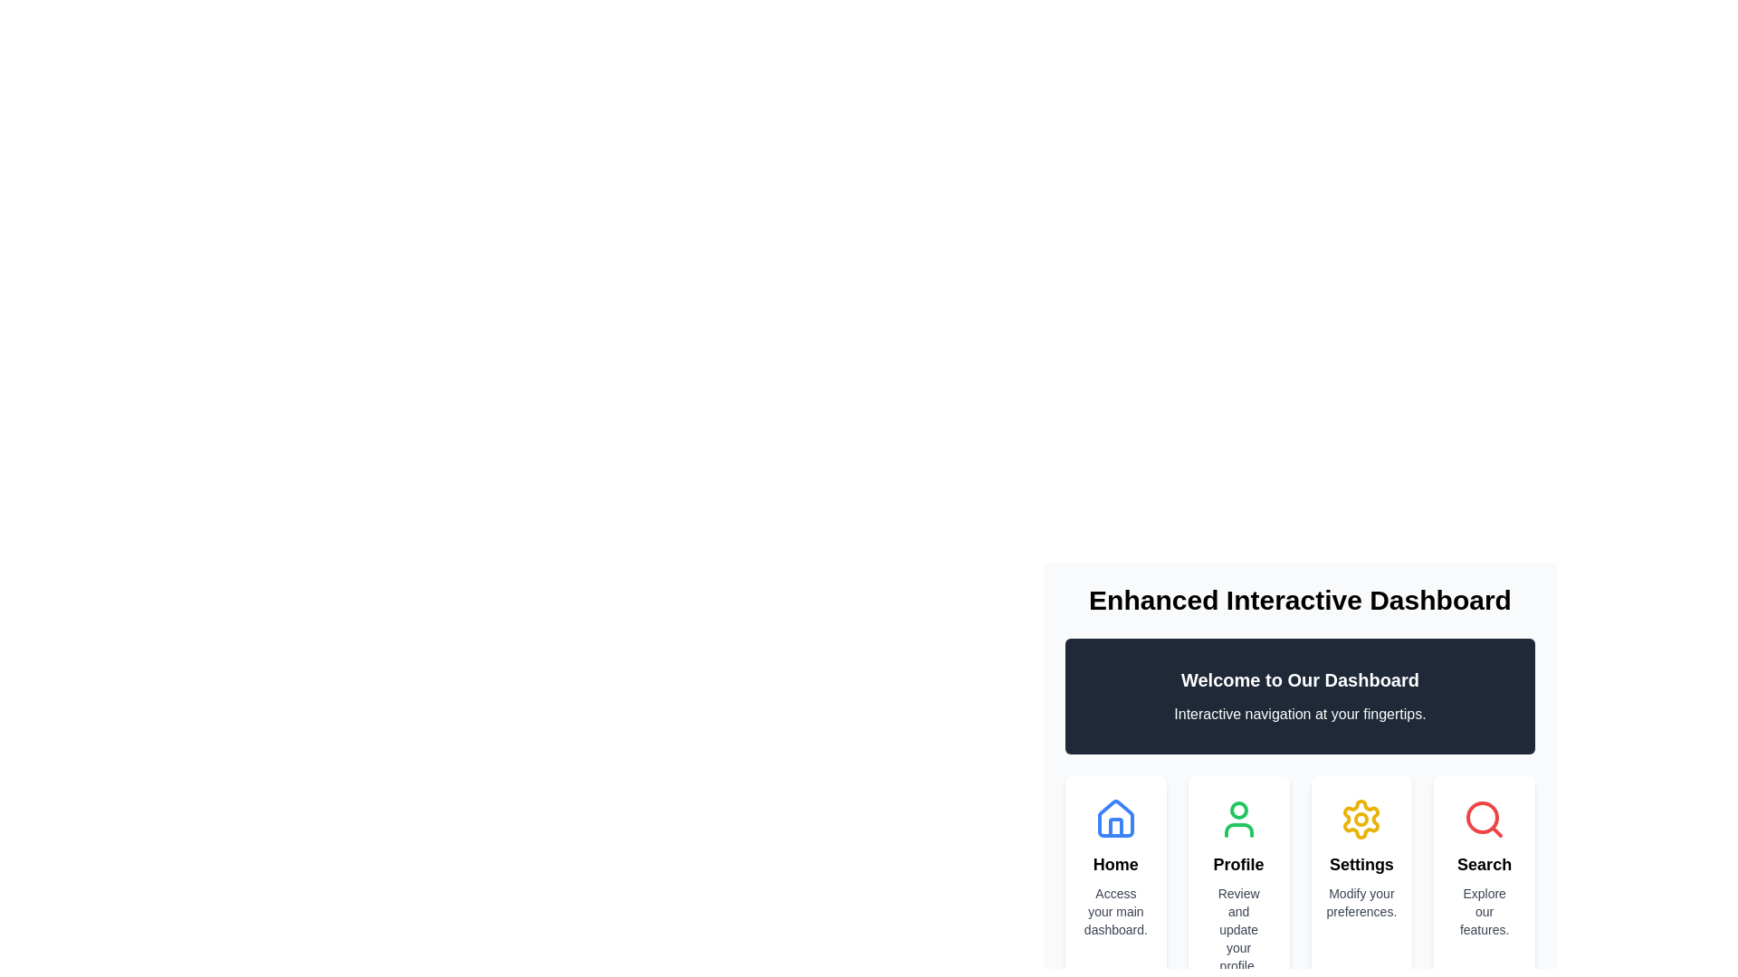 This screenshot has height=977, width=1738. I want to click on the decorative Circle (SVG element) located at the center of the gear icon labeled 'Settings', so click(1361, 820).